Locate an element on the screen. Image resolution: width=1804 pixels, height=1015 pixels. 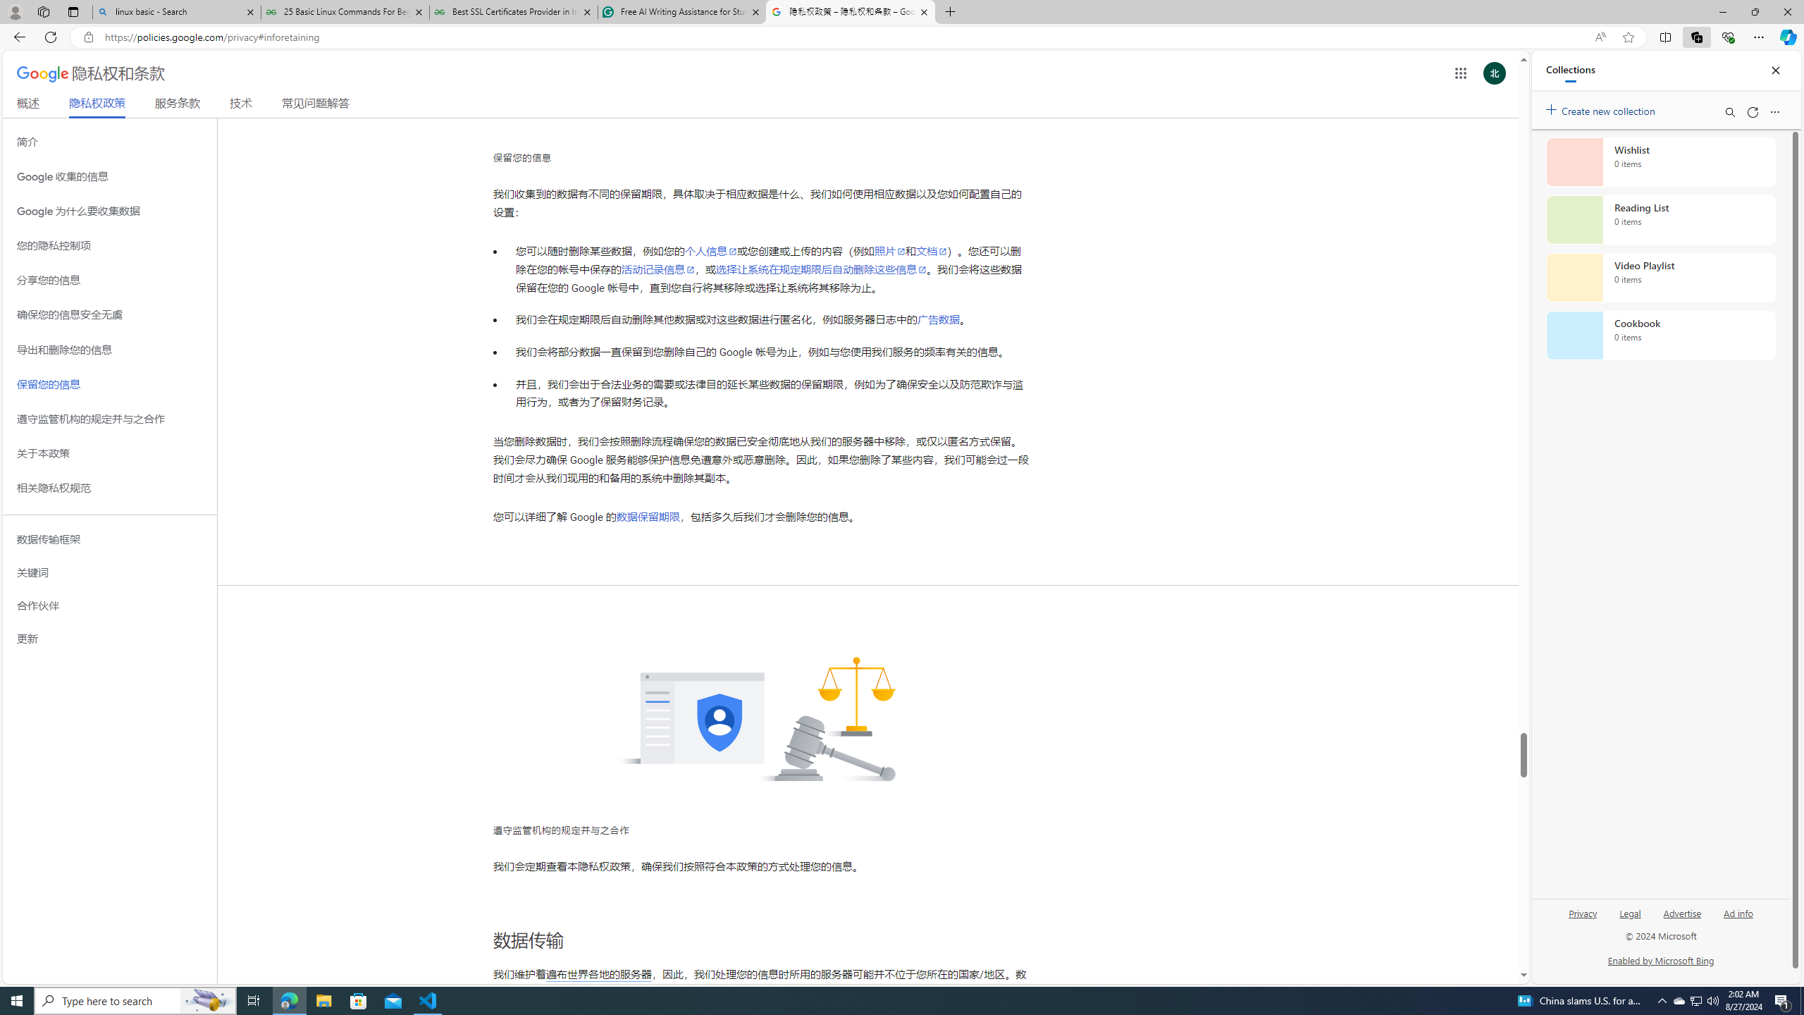
'Reading List collection, 0 items' is located at coordinates (1660, 219).